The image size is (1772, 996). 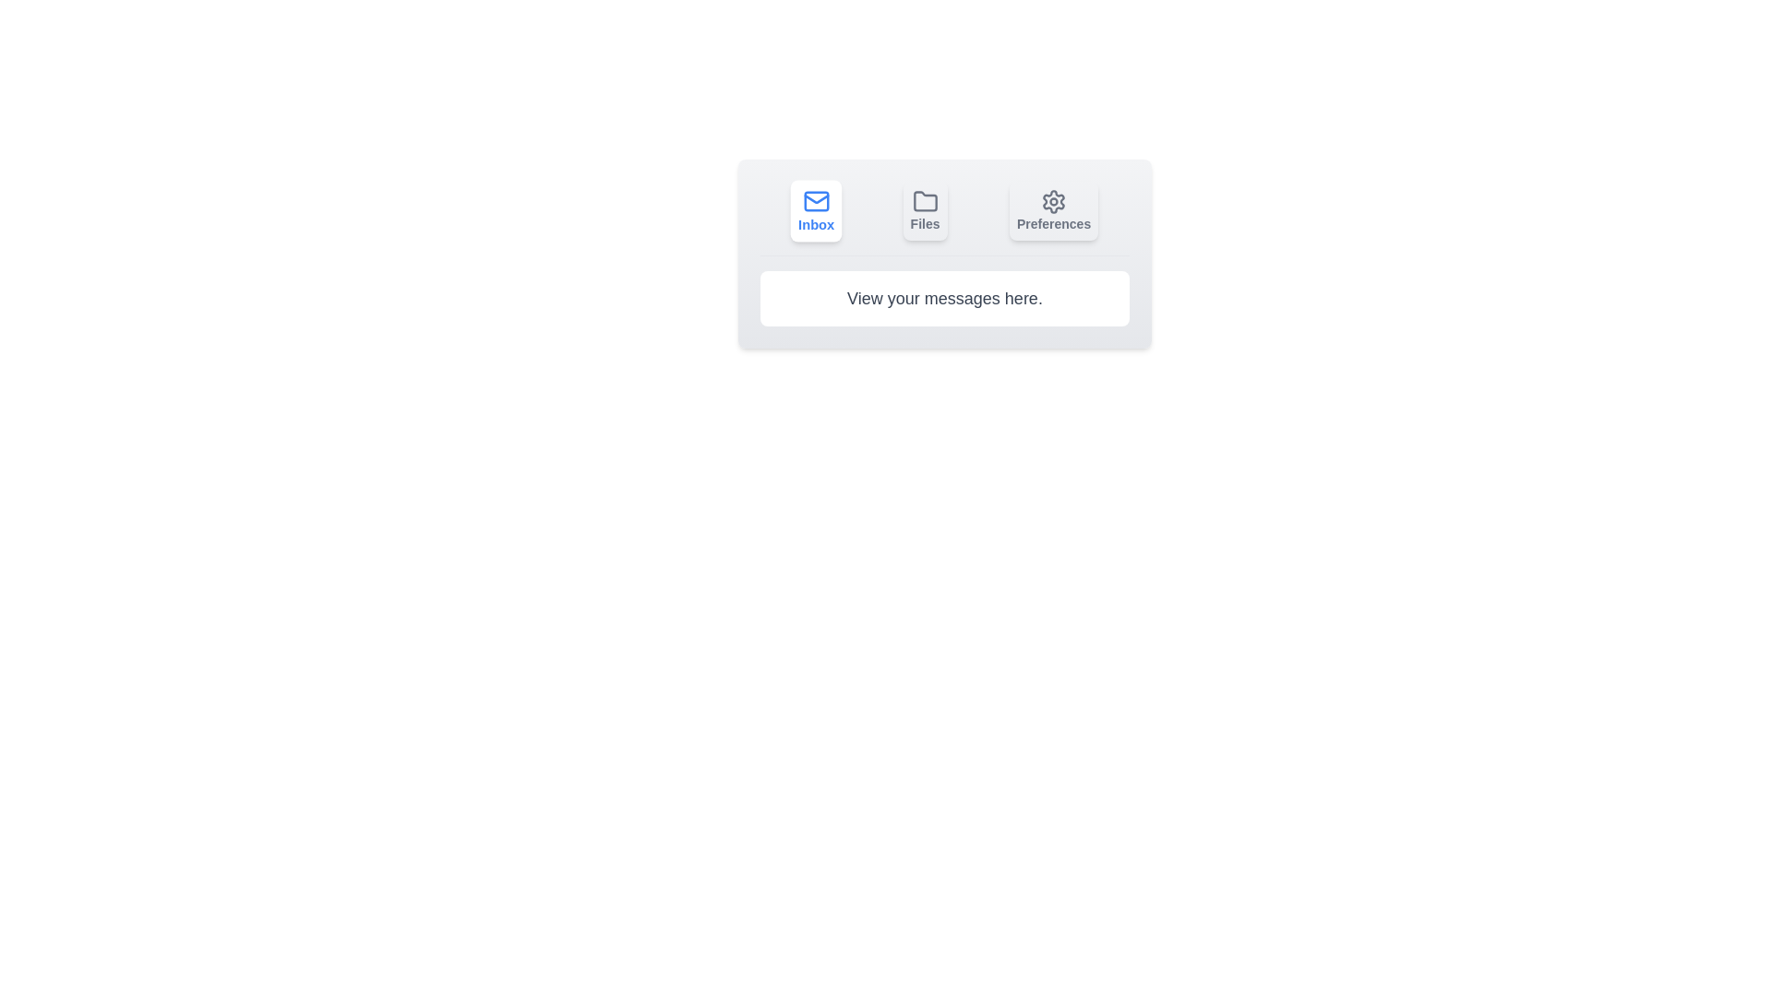 I want to click on the 'Files' button, which is a rounded rectangular button labeled 'Files' with a folder icon above the text, so click(x=925, y=209).